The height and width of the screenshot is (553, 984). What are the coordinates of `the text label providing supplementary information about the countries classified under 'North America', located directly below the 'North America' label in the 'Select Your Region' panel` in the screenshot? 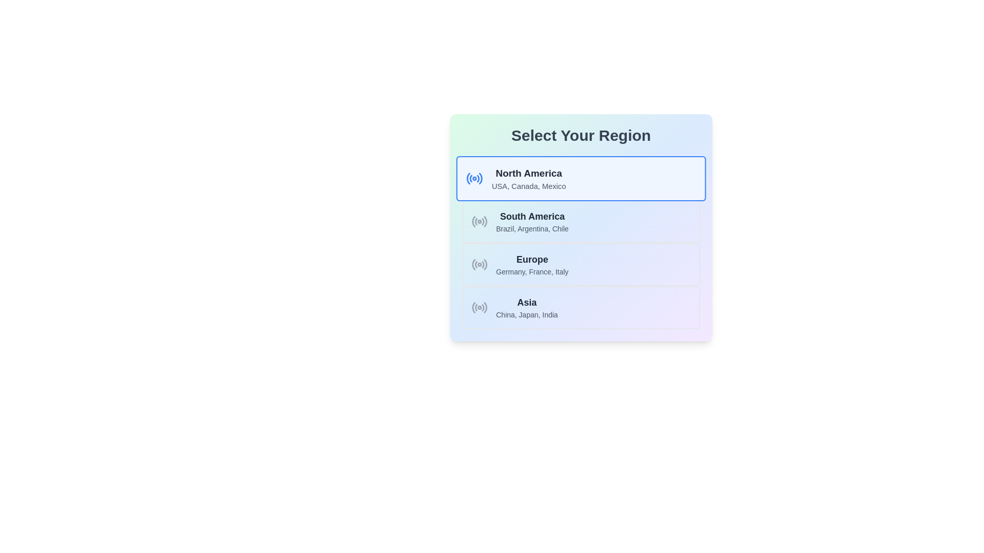 It's located at (529, 186).